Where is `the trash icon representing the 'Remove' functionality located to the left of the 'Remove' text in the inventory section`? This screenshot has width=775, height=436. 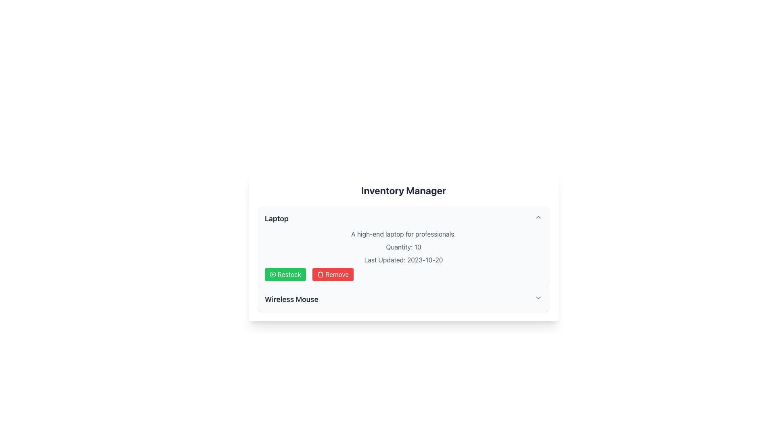 the trash icon representing the 'Remove' functionality located to the left of the 'Remove' text in the inventory section is located at coordinates (320, 274).